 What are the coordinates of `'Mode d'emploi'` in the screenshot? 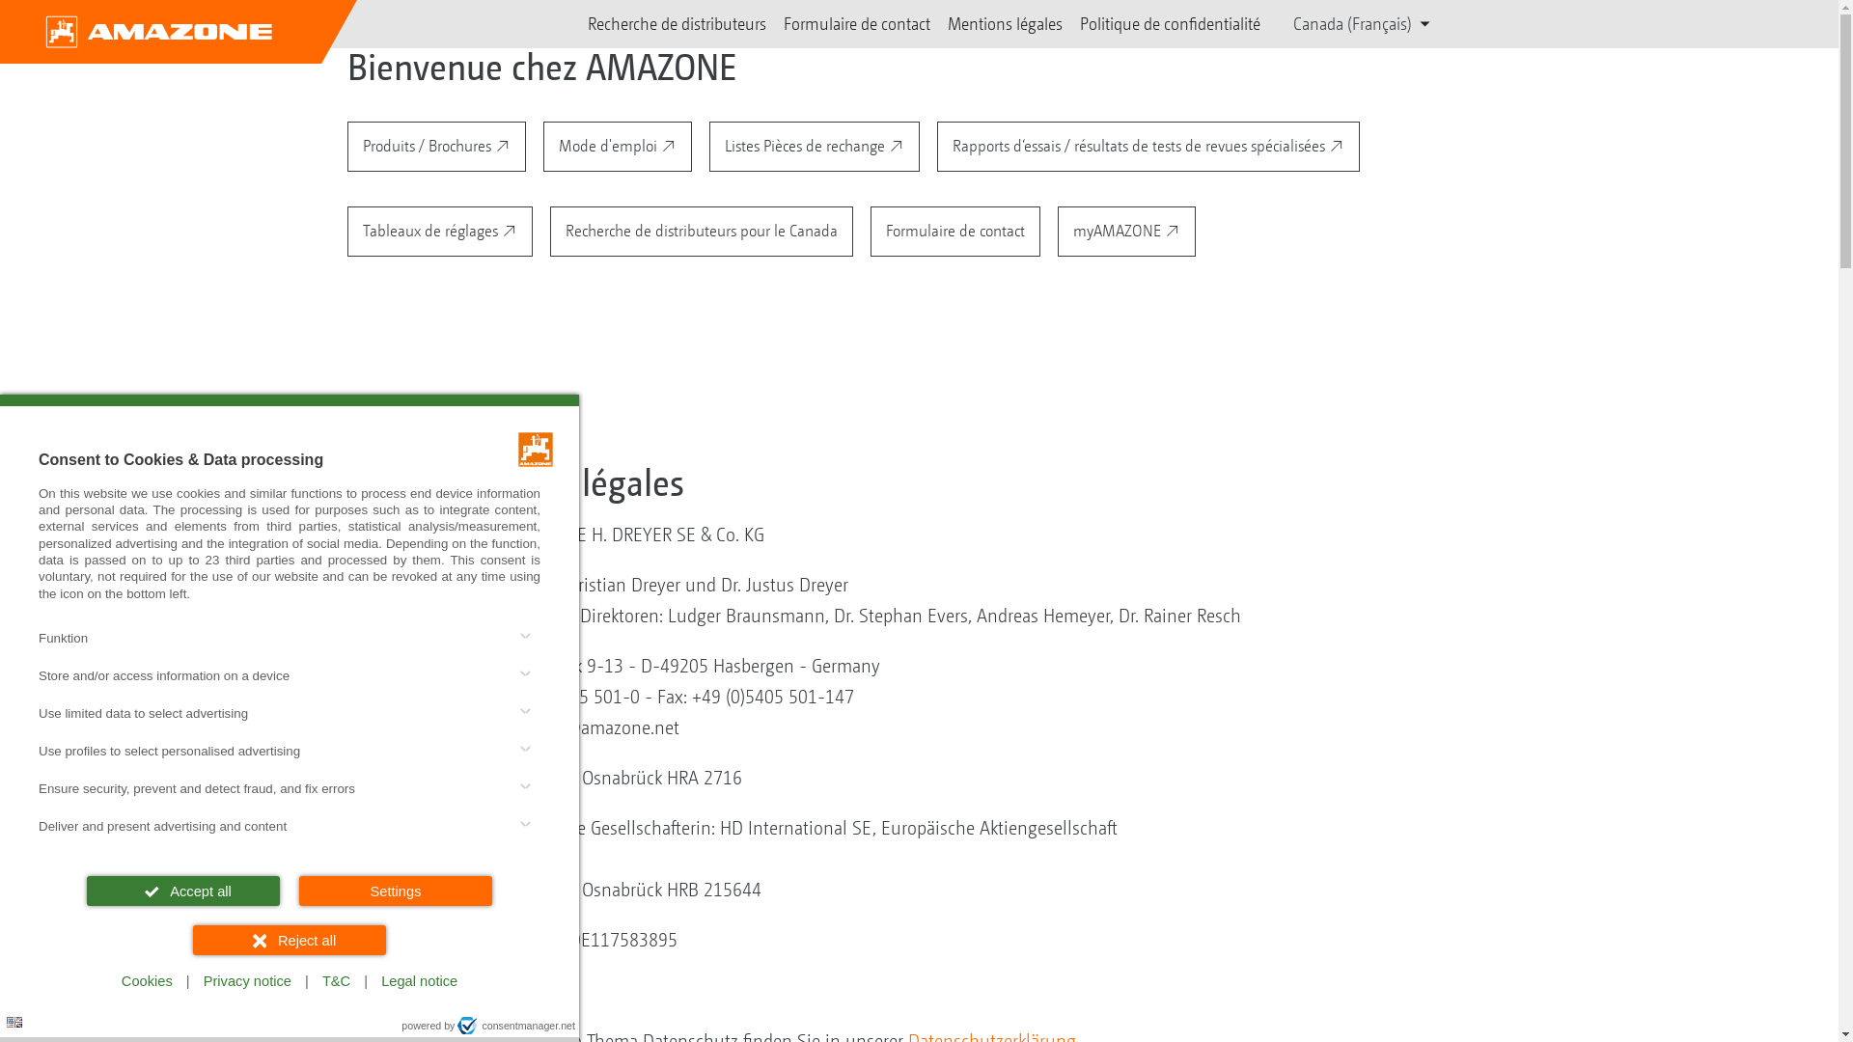 It's located at (616, 145).